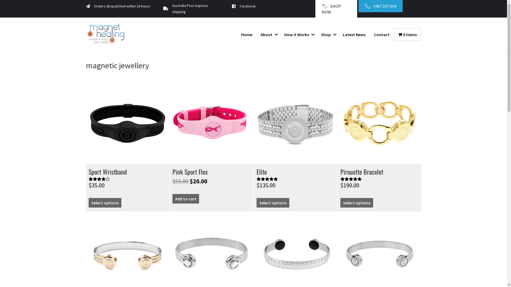 The width and height of the screenshot is (511, 287). What do you see at coordinates (186, 199) in the screenshot?
I see `'Add to cart'` at bounding box center [186, 199].